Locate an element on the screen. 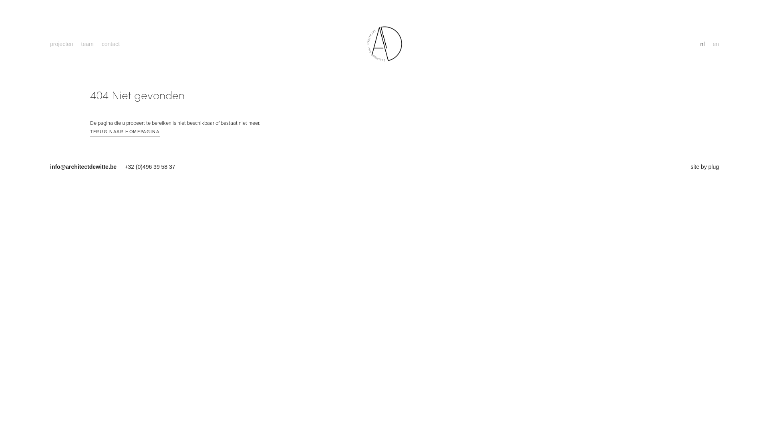 Image resolution: width=769 pixels, height=432 pixels. 'nl' is located at coordinates (700, 44).